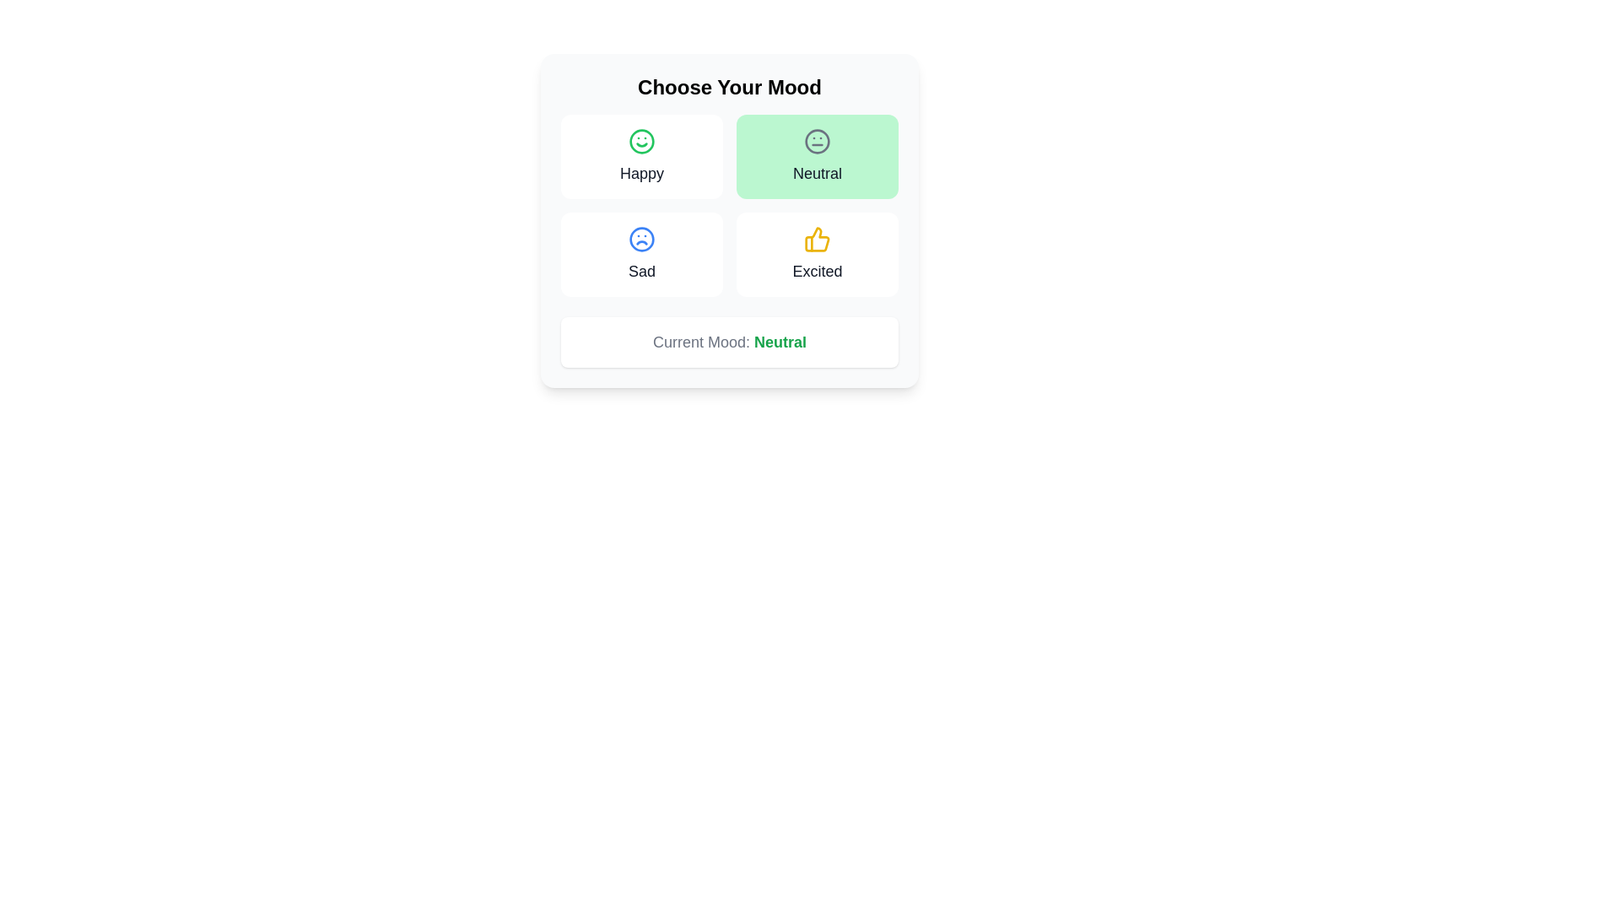 This screenshot has width=1620, height=911. I want to click on the blue circular icon representing a sad face located inside the 'Sad' button in the bottom-left corner of the mood selection interface, so click(641, 240).